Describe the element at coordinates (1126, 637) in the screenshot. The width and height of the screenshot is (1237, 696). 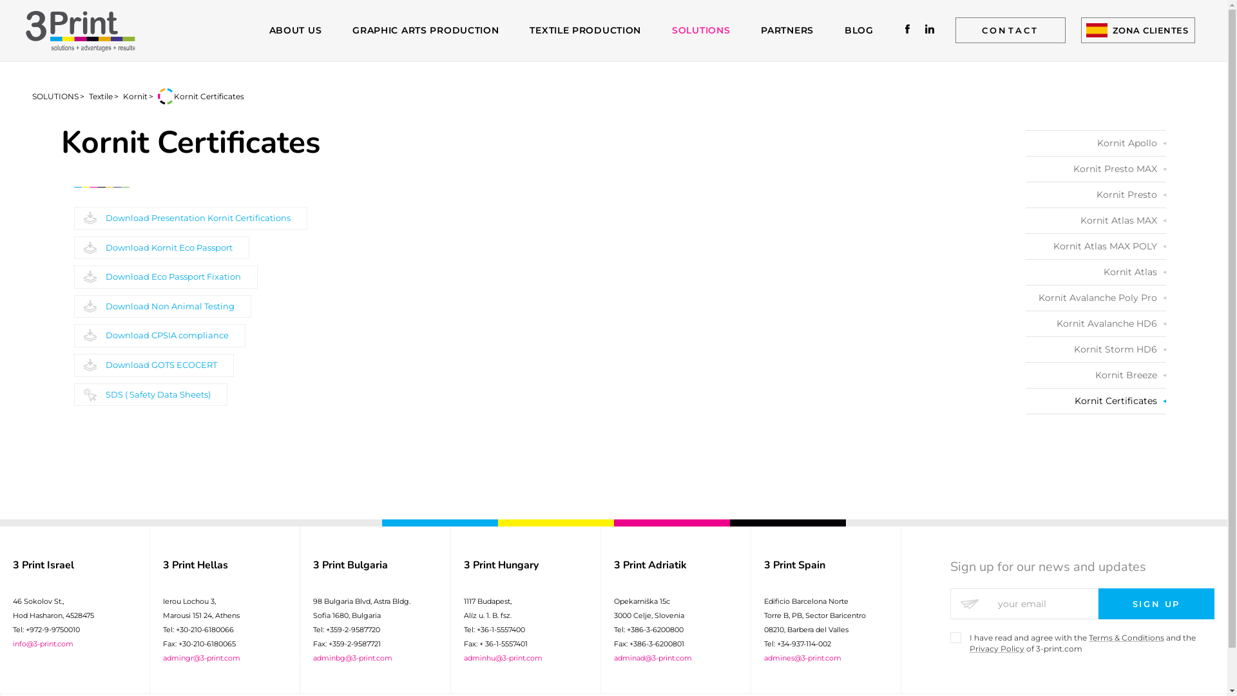
I see `'Terms & Conditions'` at that location.